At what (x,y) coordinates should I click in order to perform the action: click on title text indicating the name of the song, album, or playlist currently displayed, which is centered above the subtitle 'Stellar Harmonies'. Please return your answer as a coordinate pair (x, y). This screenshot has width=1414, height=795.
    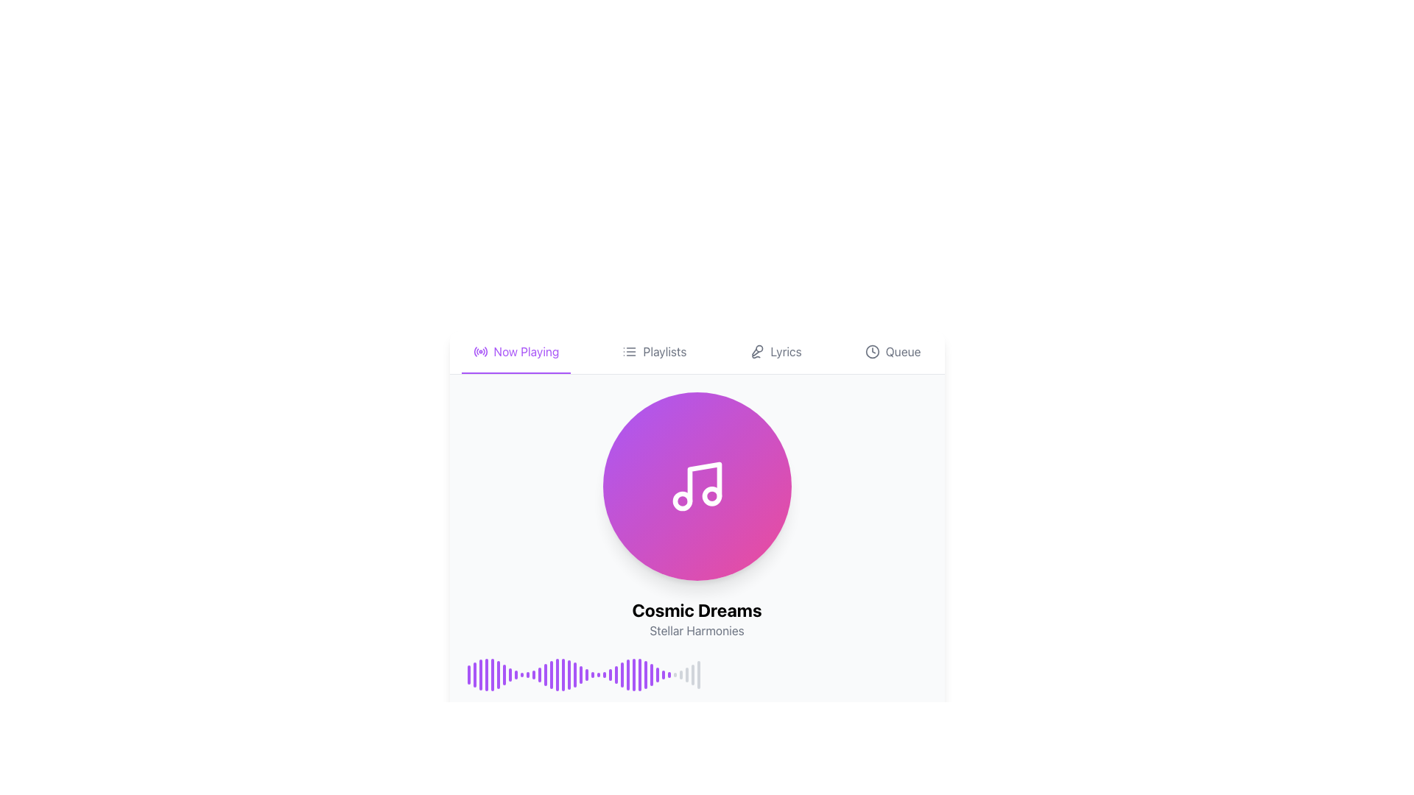
    Looking at the image, I should click on (696, 610).